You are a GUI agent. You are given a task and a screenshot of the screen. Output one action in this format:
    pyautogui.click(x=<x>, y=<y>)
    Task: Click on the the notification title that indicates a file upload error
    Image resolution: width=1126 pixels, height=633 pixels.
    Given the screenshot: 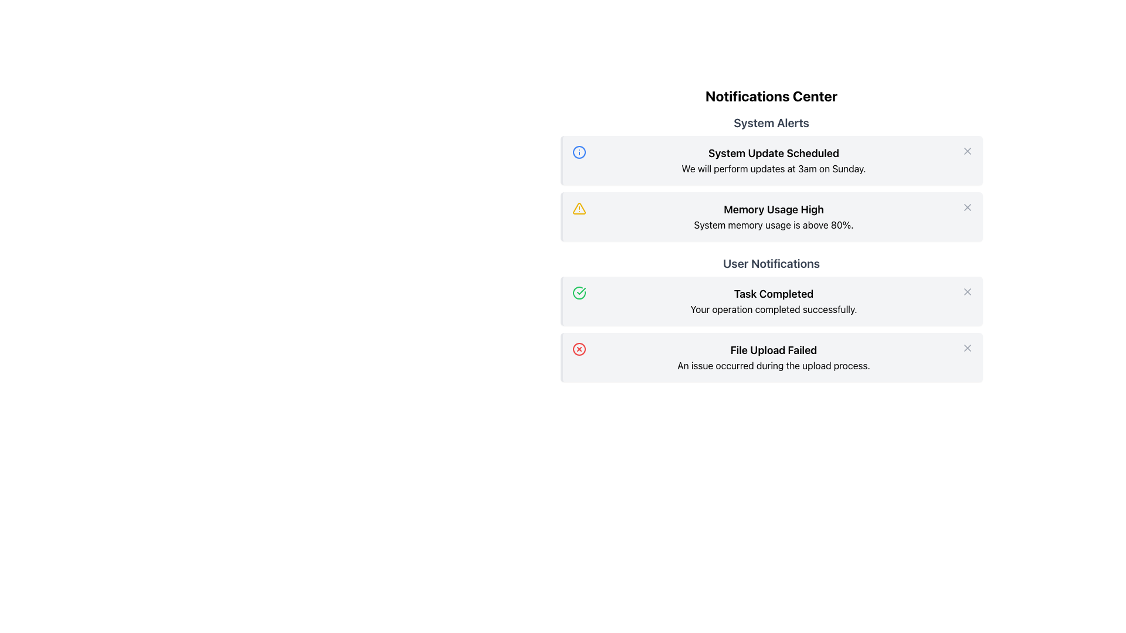 What is the action you would take?
    pyautogui.click(x=774, y=349)
    